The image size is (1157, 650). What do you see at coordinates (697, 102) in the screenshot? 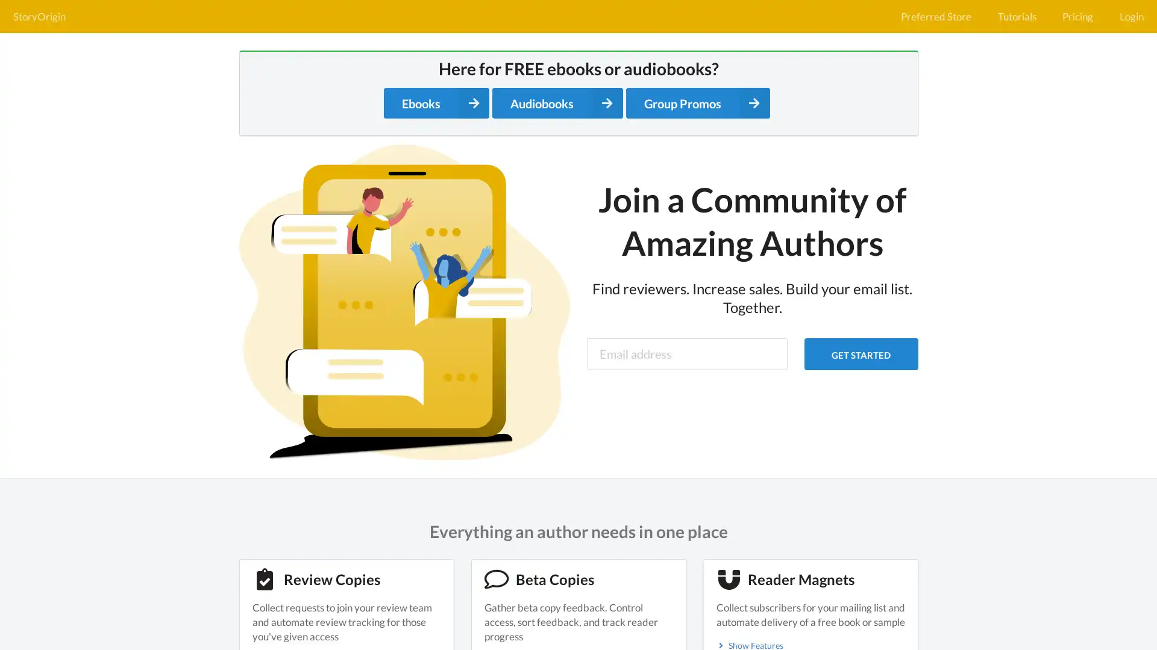
I see `Group Promos` at bounding box center [697, 102].